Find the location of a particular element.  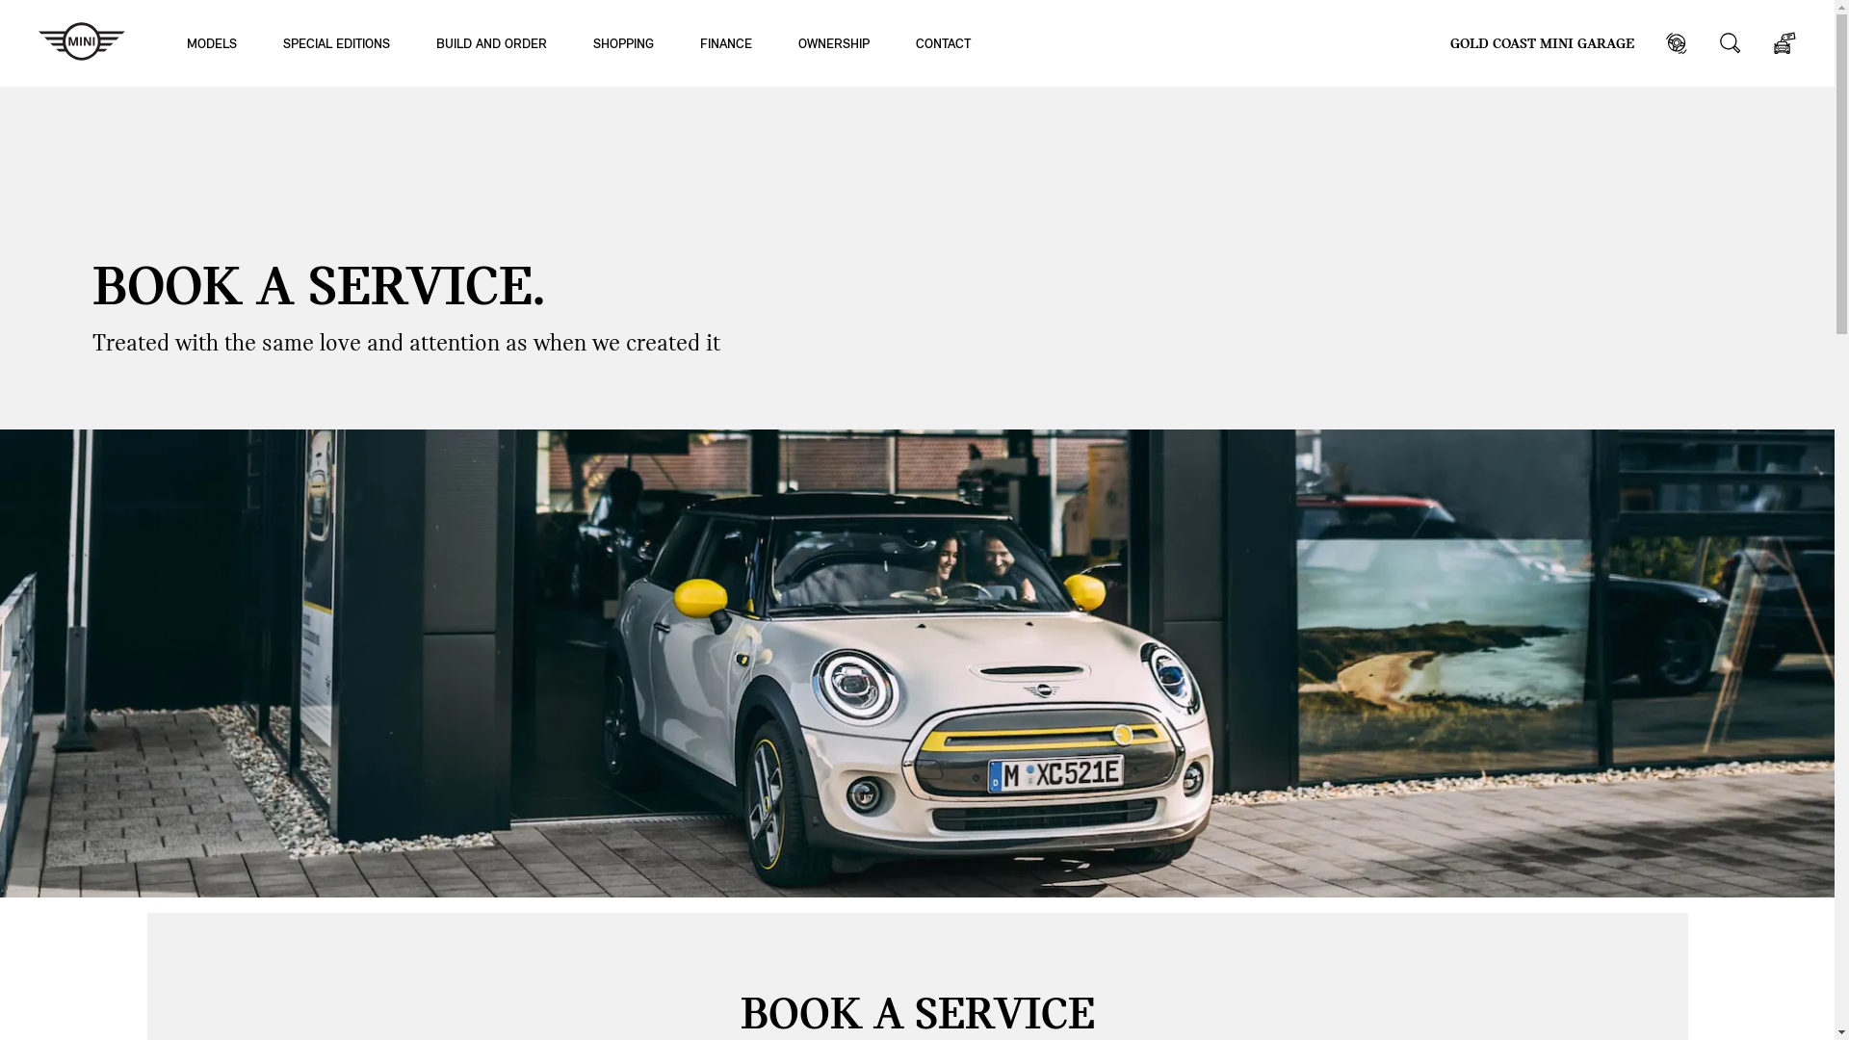

'BUILD AND ORDER' is located at coordinates (491, 42).